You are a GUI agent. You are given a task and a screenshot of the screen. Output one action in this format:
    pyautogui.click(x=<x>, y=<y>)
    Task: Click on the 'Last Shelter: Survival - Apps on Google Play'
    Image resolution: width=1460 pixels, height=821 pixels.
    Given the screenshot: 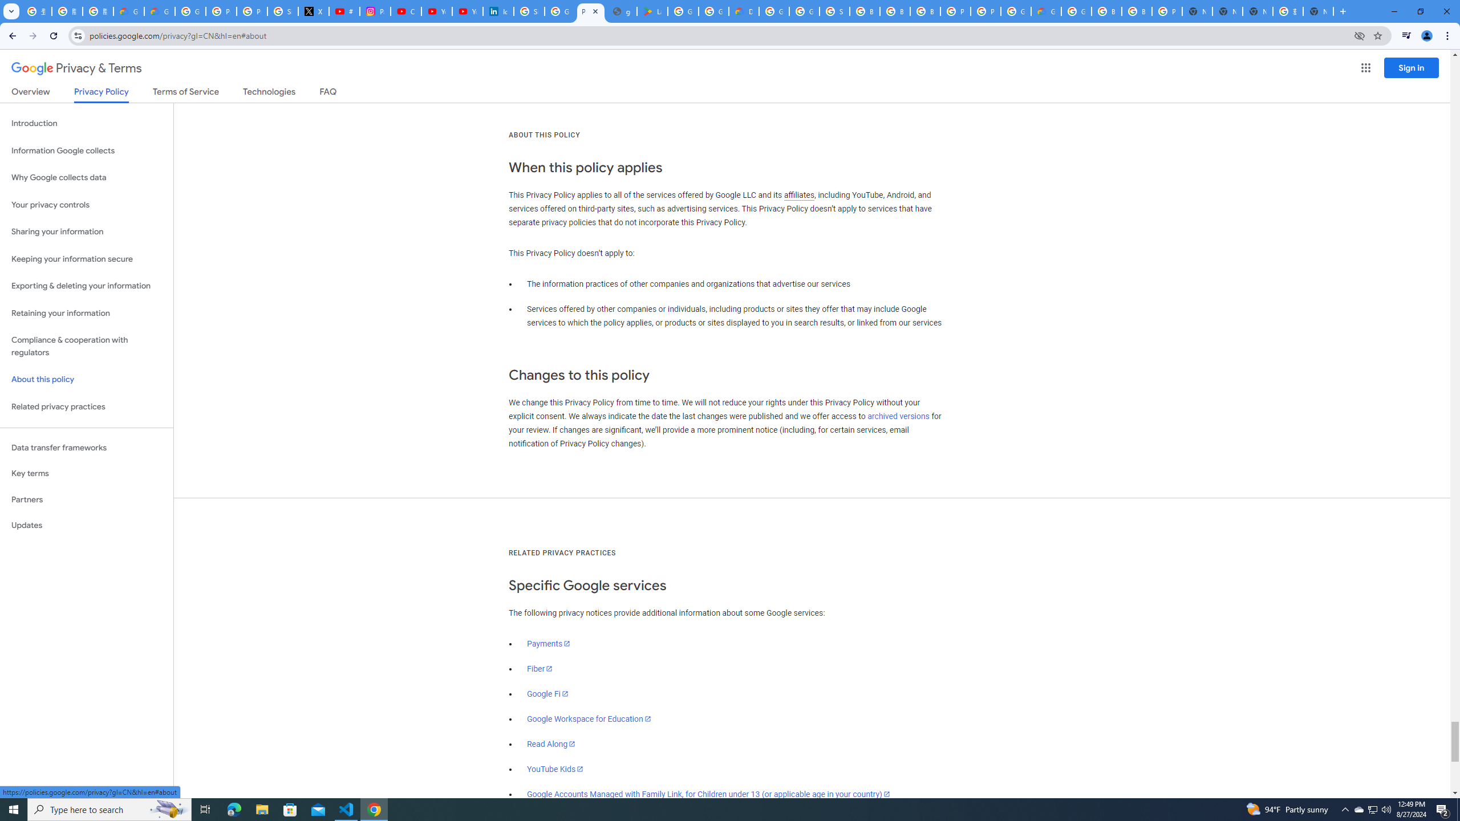 What is the action you would take?
    pyautogui.click(x=652, y=11)
    